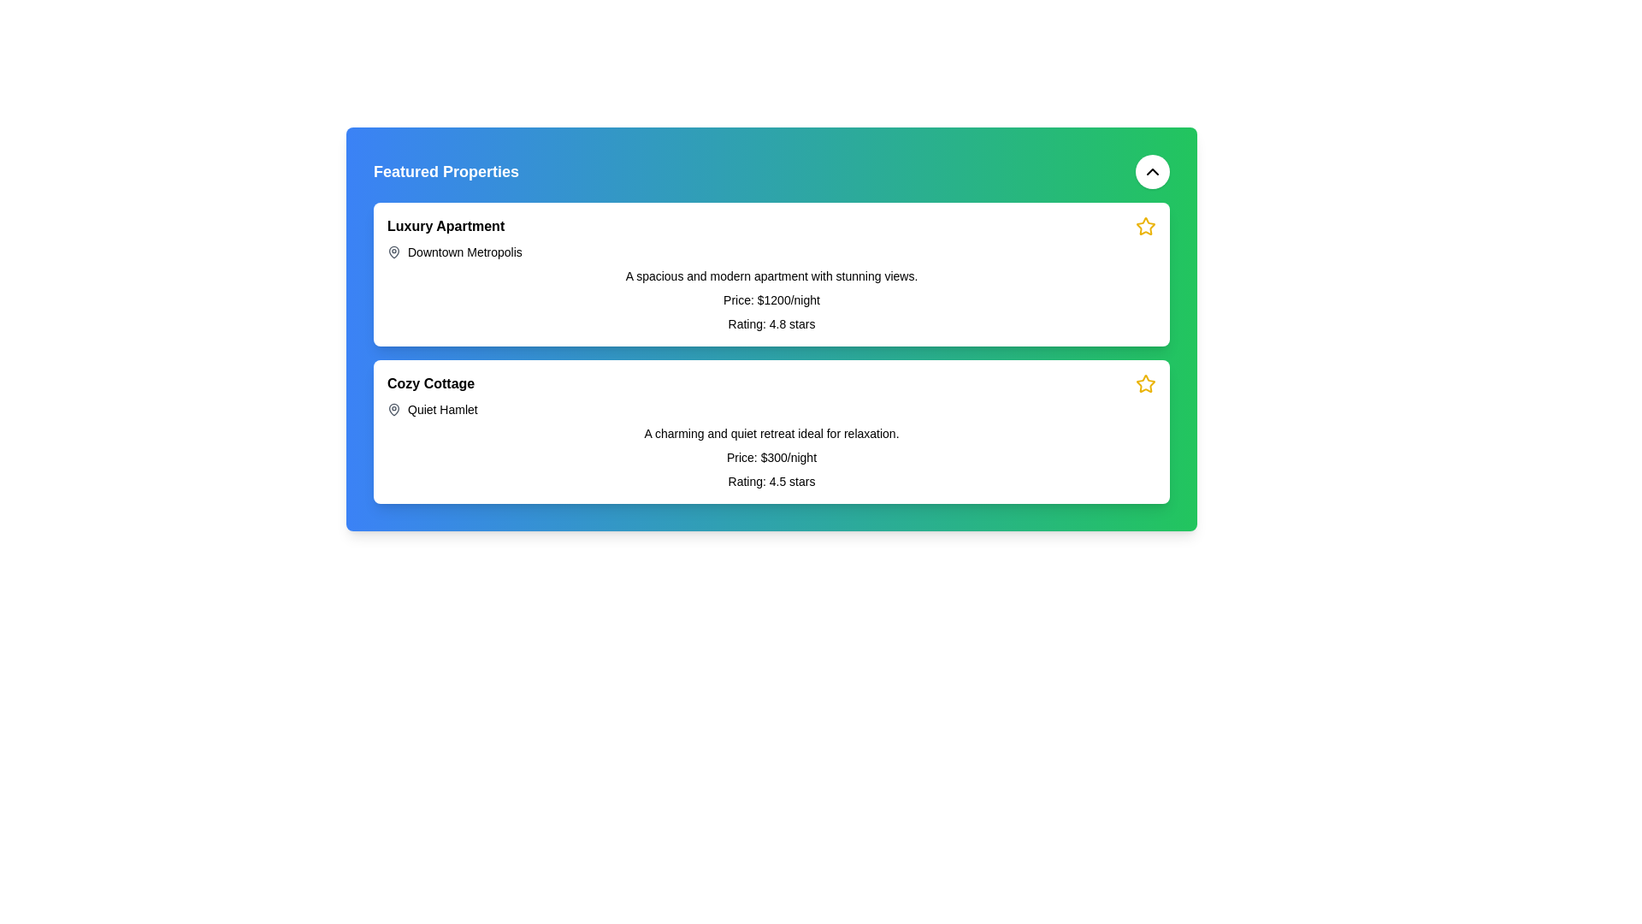 The width and height of the screenshot is (1642, 924). I want to click on the text label displaying 'Quiet Hamlet', located in the lower portion of the interface under the 'Cozy Cottage' heading, so click(442, 409).